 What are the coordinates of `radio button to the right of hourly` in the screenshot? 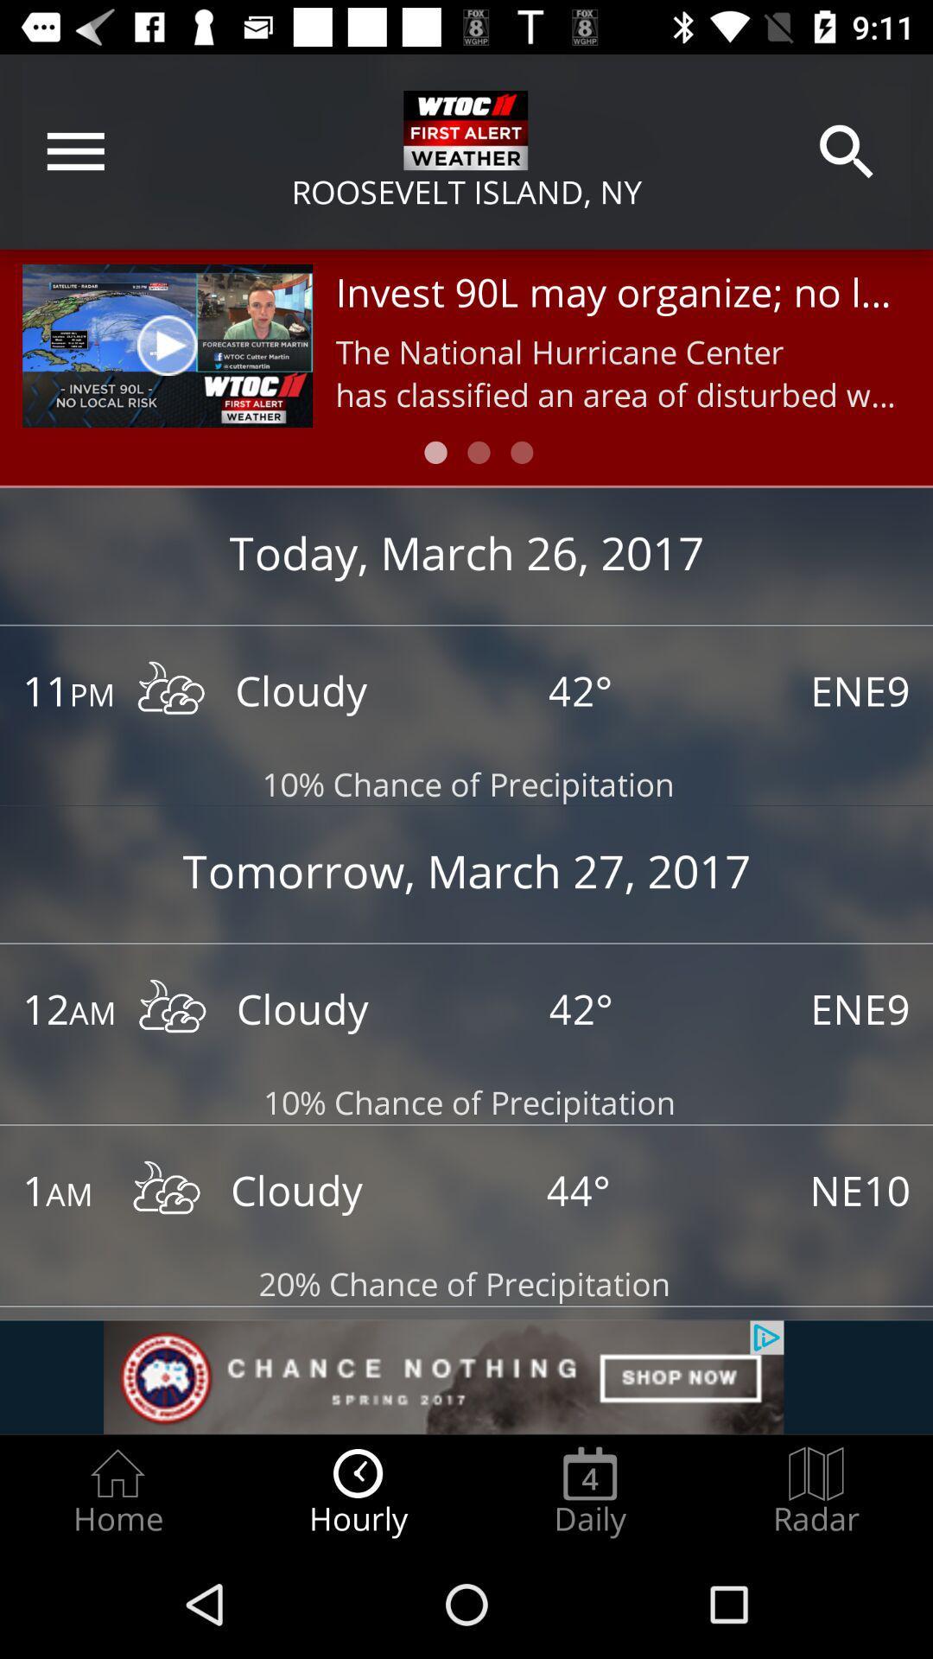 It's located at (589, 1491).